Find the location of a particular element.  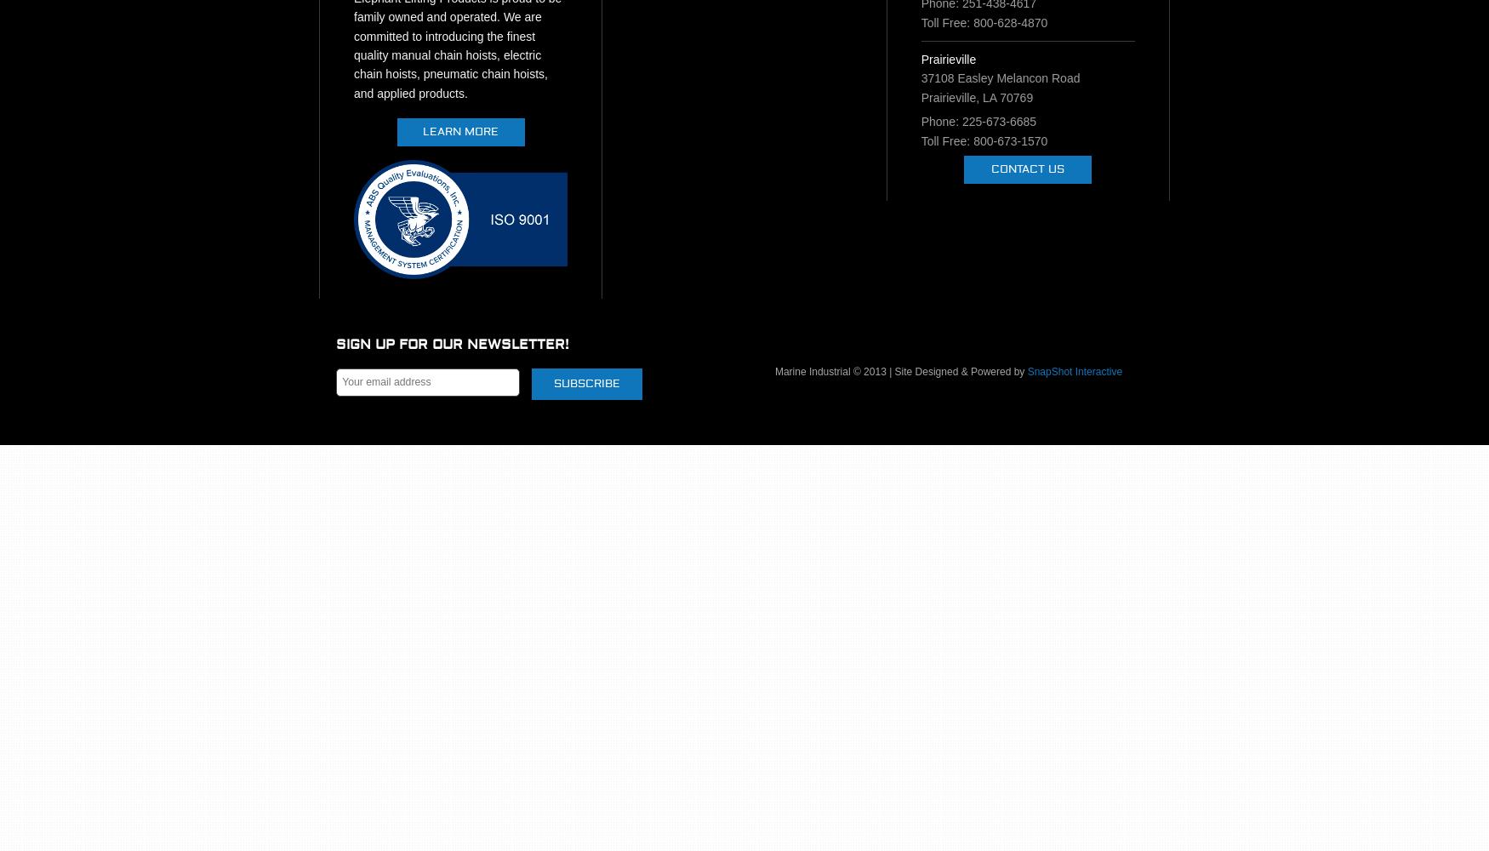

'Marine Industrial © 2013 | Site Designed & Powered by' is located at coordinates (773, 372).